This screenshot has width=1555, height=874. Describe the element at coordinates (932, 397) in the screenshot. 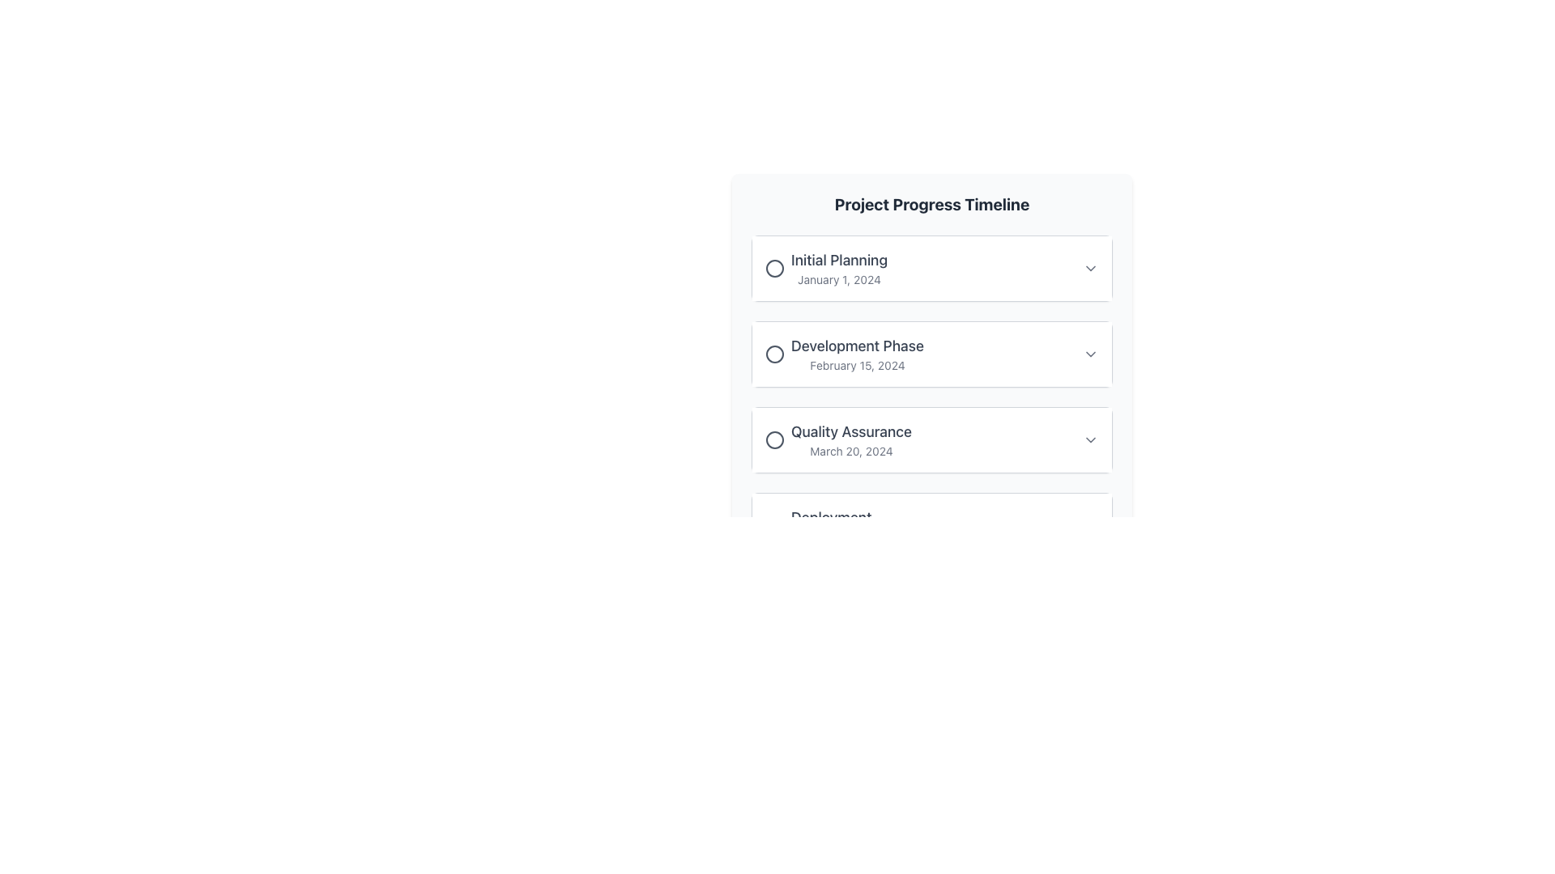

I see `the dropdown arrow of the second list item in the 'Project Progress Timeline'` at that location.